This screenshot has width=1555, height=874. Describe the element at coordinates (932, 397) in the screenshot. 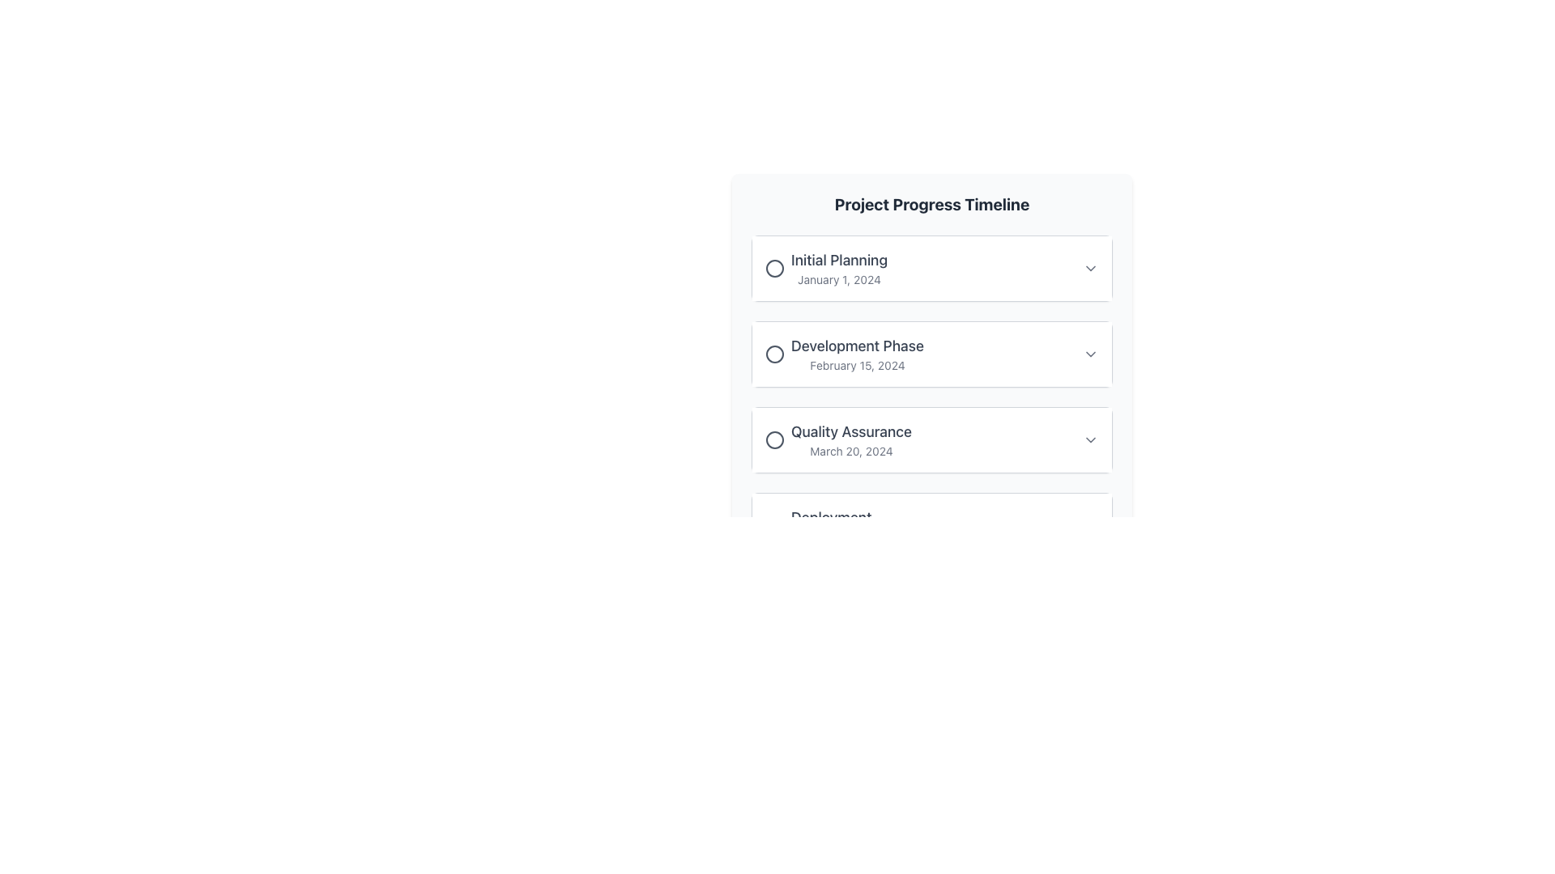

I see `the dropdown arrow of the second list item in the 'Project Progress Timeline'` at that location.